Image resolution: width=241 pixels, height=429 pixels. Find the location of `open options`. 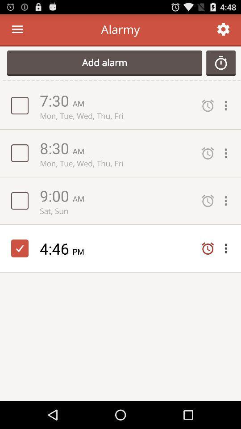

open options is located at coordinates (228, 105).